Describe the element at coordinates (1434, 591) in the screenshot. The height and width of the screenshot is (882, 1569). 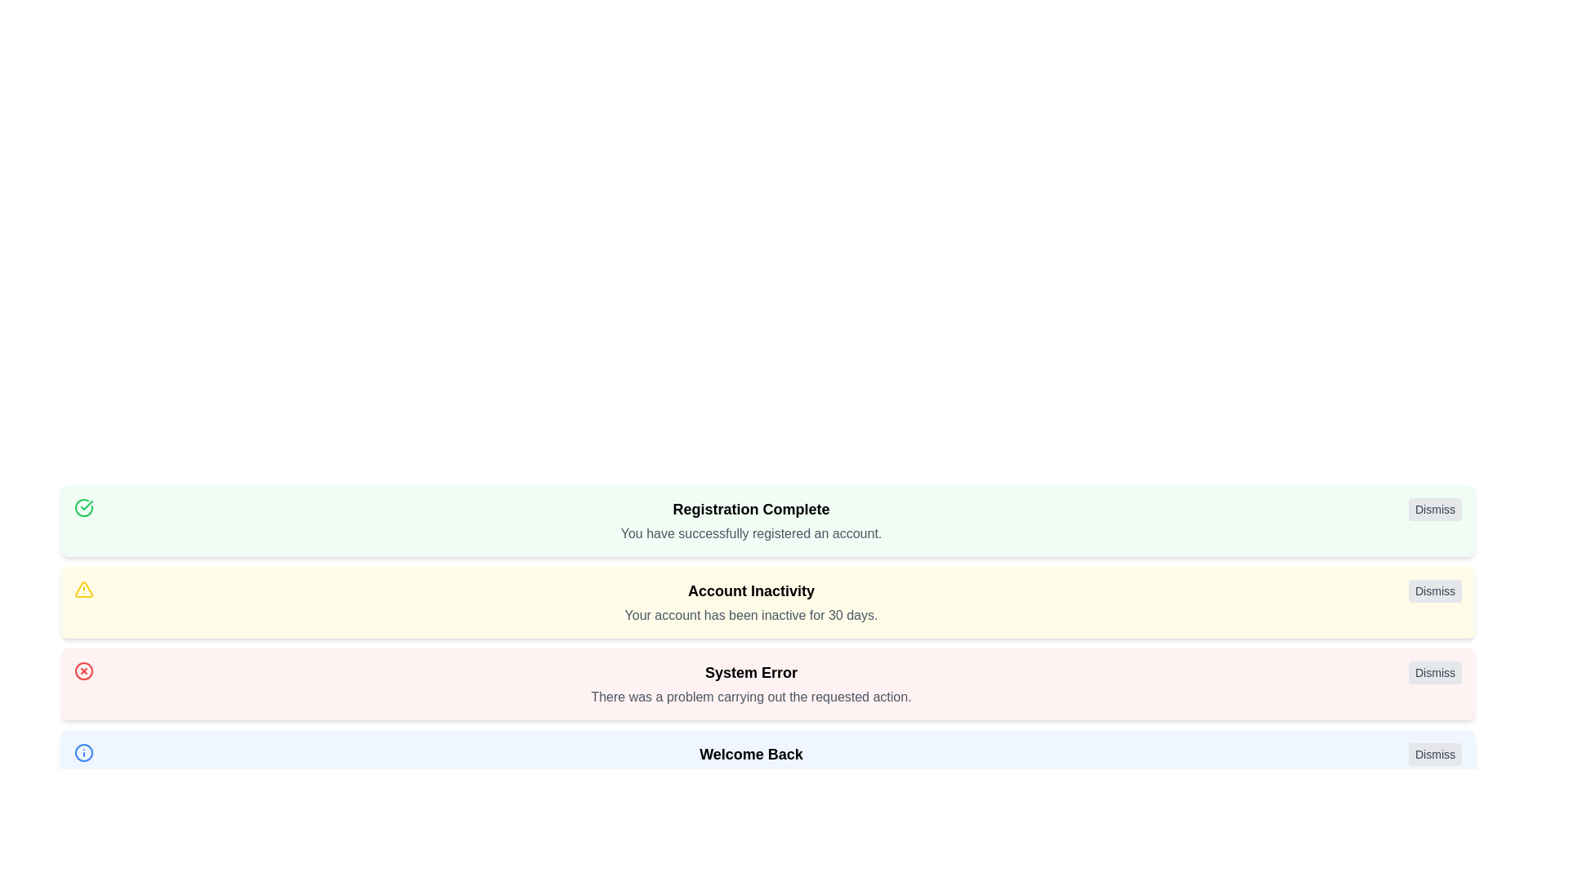
I see `the 'Dismiss' button, which is a rectangular button with rounded corners in a light gray background, positioned on the right side of the yellow-highlighted notification box` at that location.